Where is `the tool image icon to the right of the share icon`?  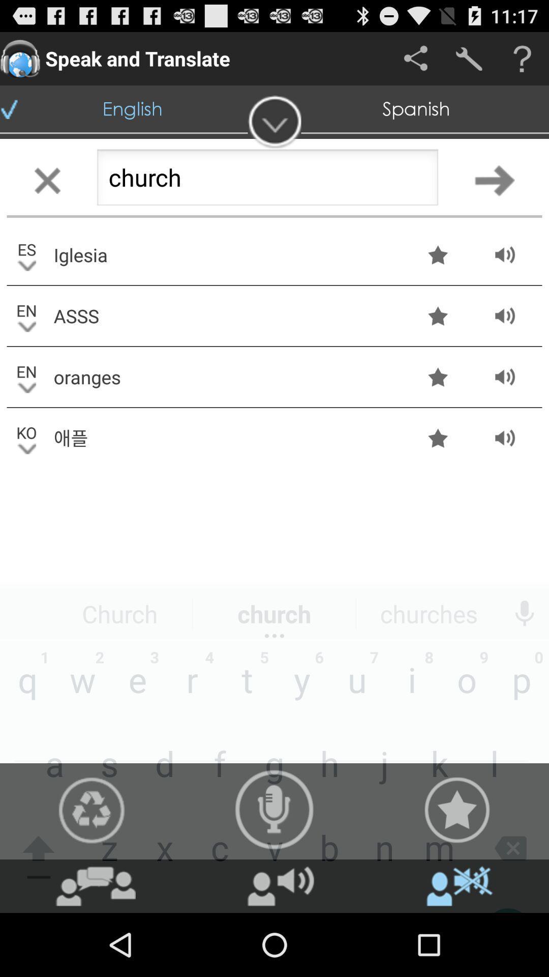
the tool image icon to the right of the share icon is located at coordinates (469, 58).